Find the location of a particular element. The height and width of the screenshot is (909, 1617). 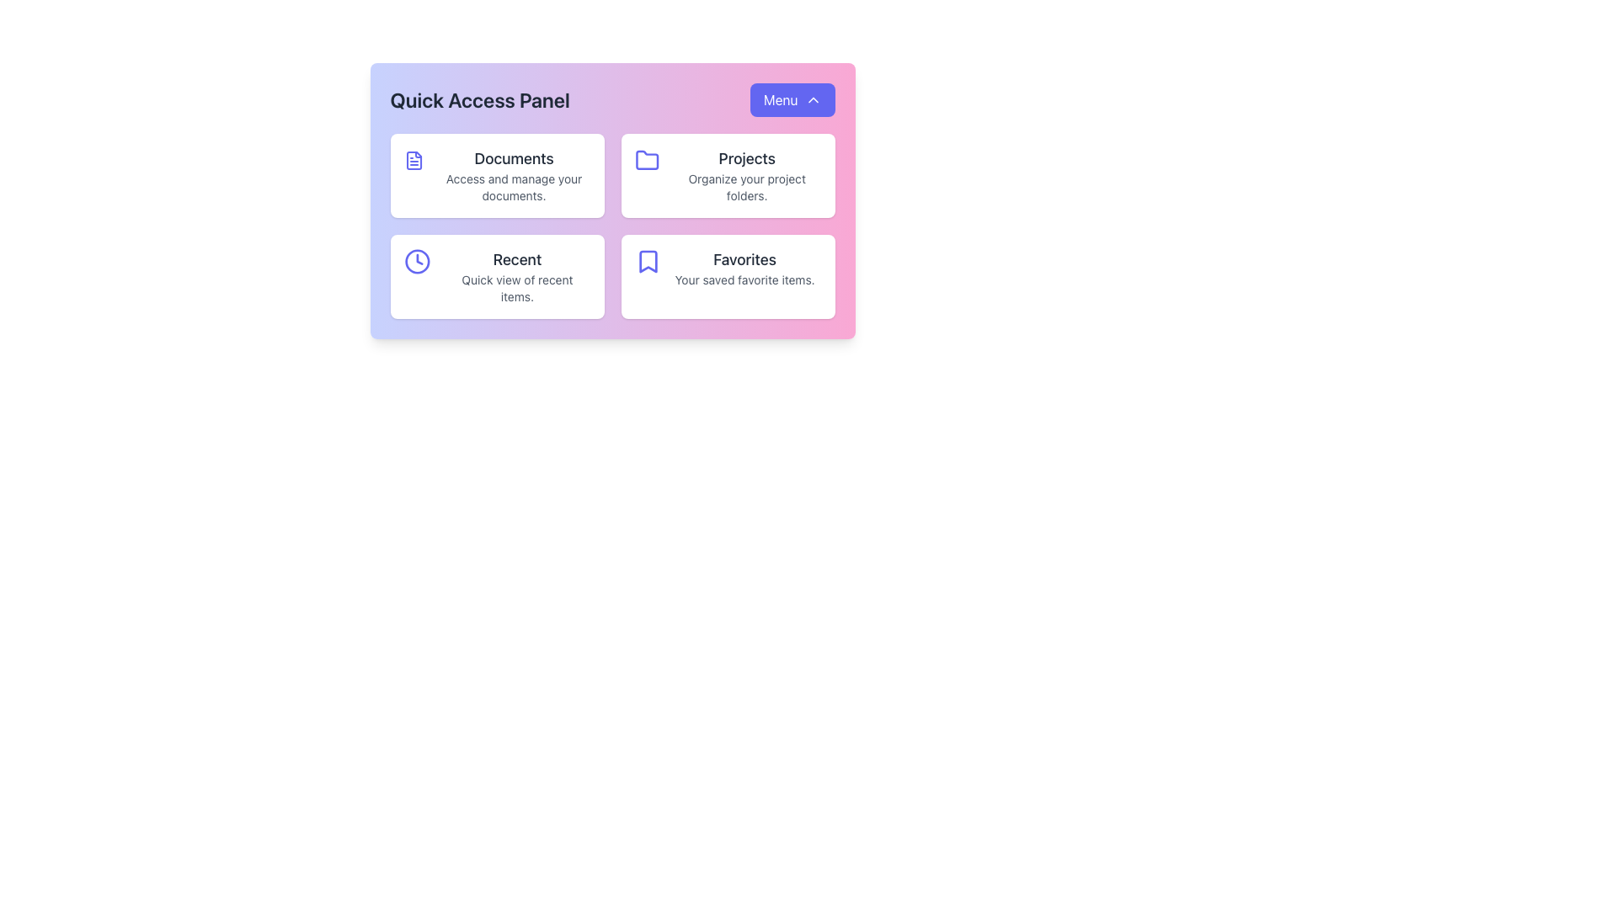

the outer circular part of the clock icon located in the bottom-left card of the Quick Access Panel, which encloses the inner clock components and is positioned above the 'Recent' text is located at coordinates (417, 262).